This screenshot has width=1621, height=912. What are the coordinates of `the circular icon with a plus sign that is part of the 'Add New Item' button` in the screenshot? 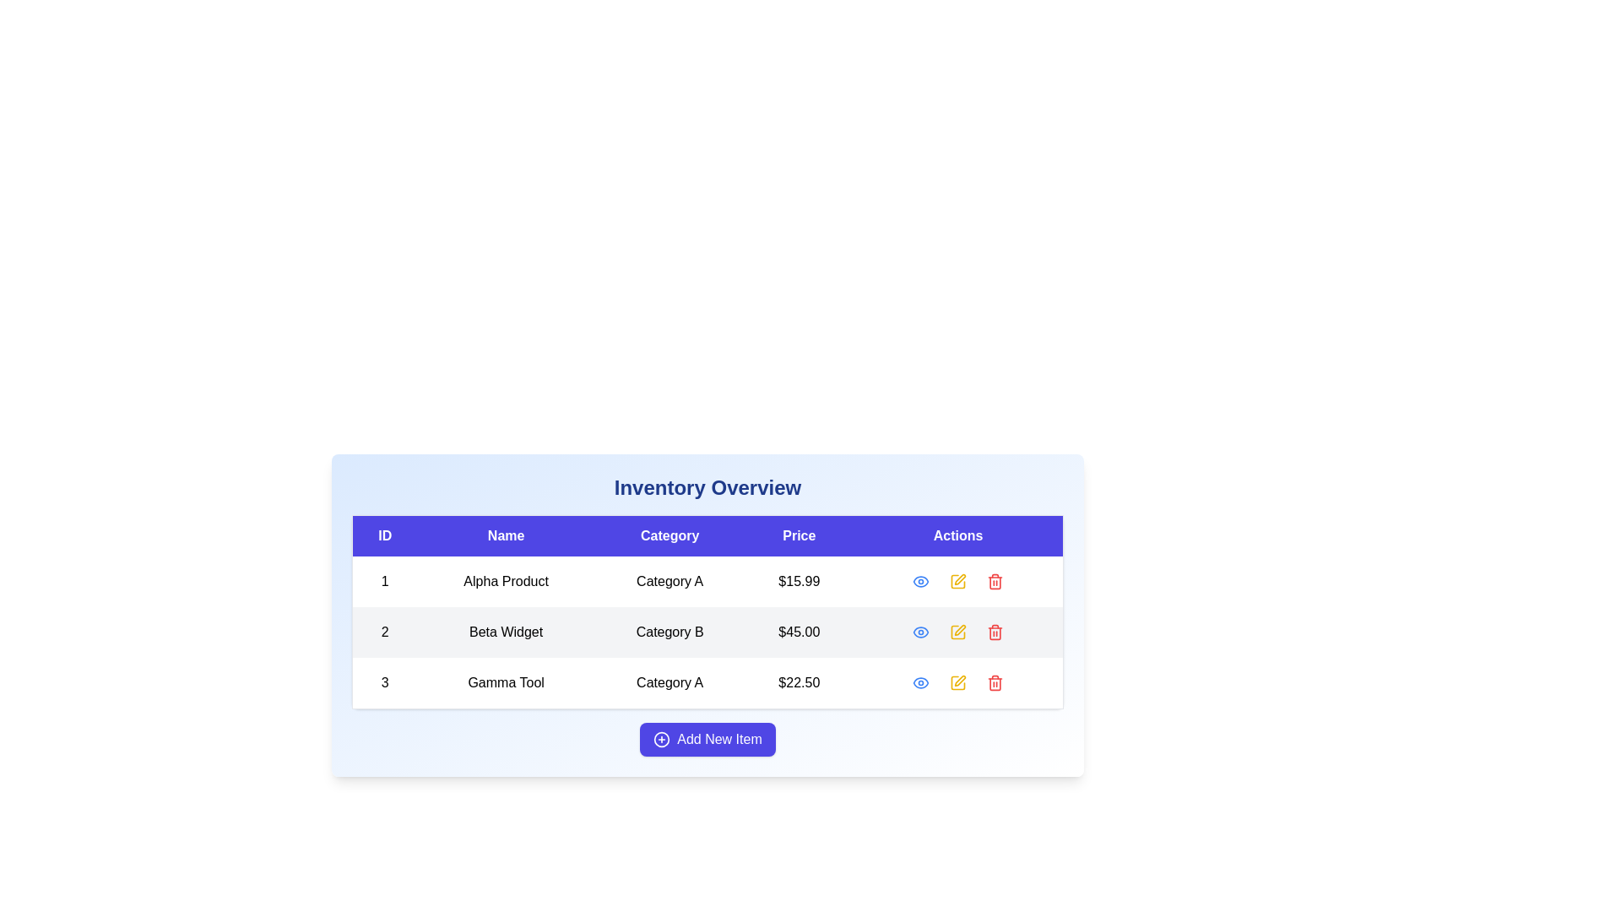 It's located at (661, 738).